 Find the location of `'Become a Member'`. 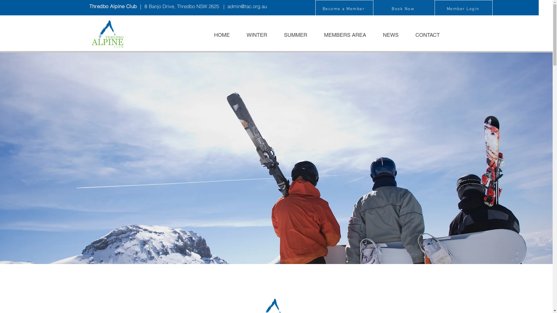

'Become a Member' is located at coordinates (344, 9).